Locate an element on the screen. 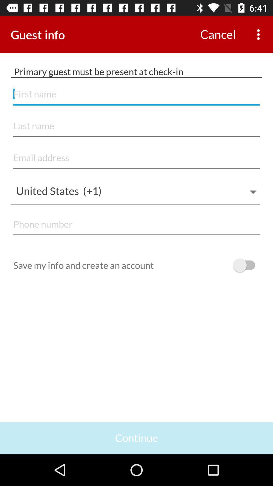  your first name is located at coordinates (136, 94).